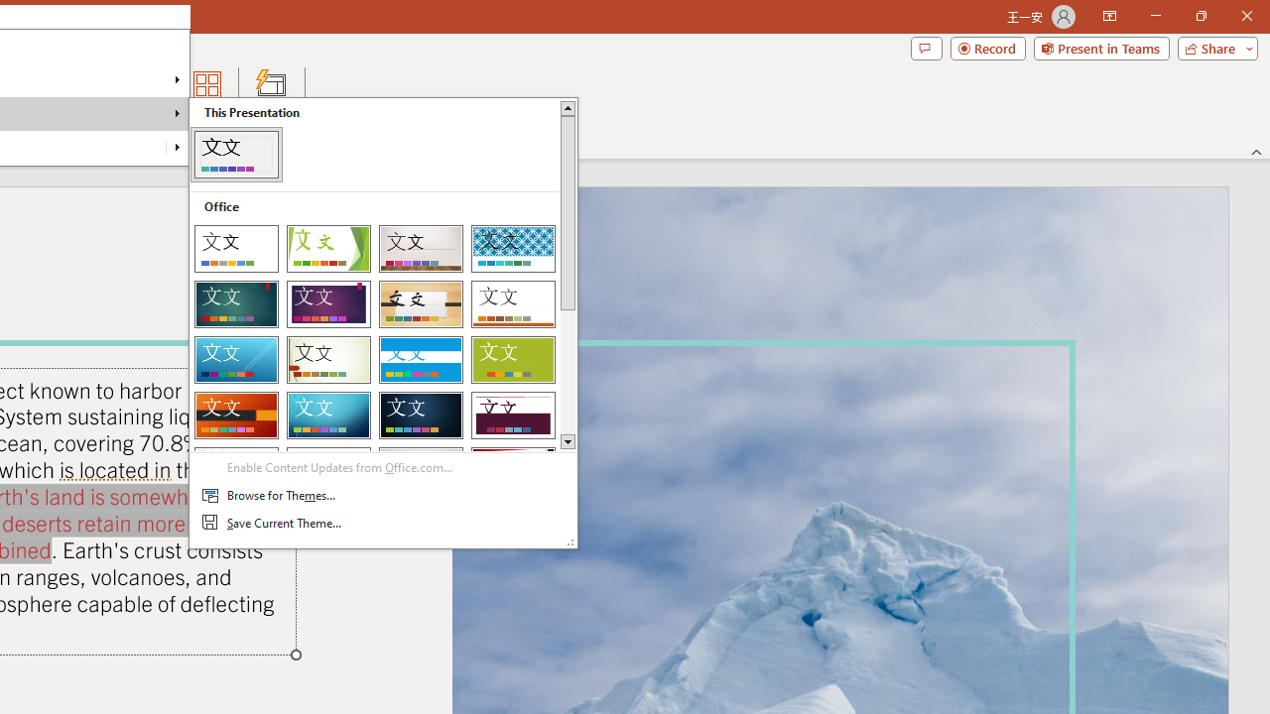  Describe the element at coordinates (51, 76) in the screenshot. I see `'Find...'` at that location.